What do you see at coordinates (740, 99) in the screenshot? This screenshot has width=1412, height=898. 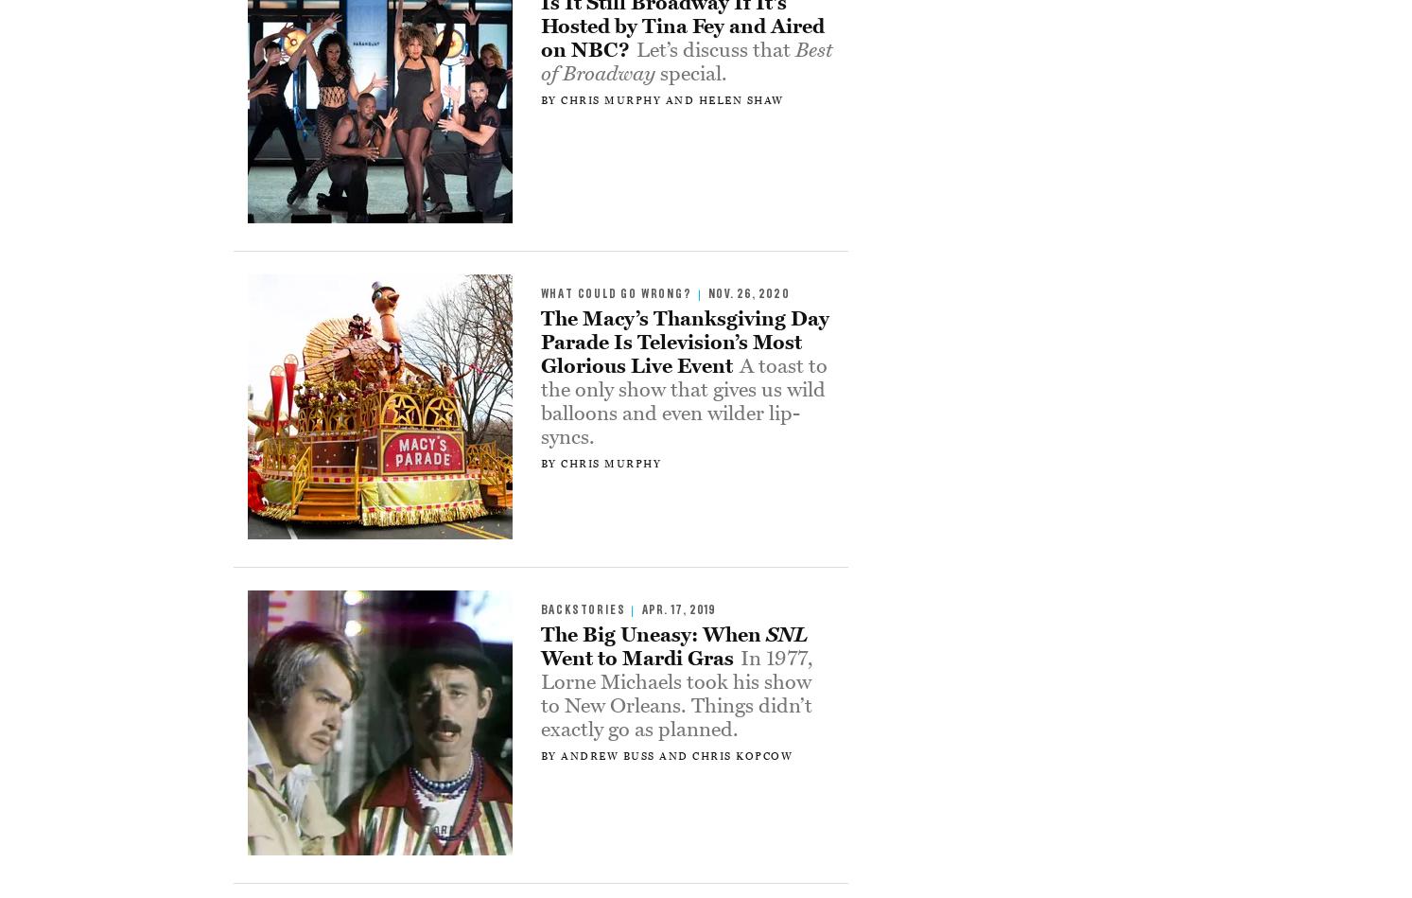 I see `'Helen Shaw'` at bounding box center [740, 99].